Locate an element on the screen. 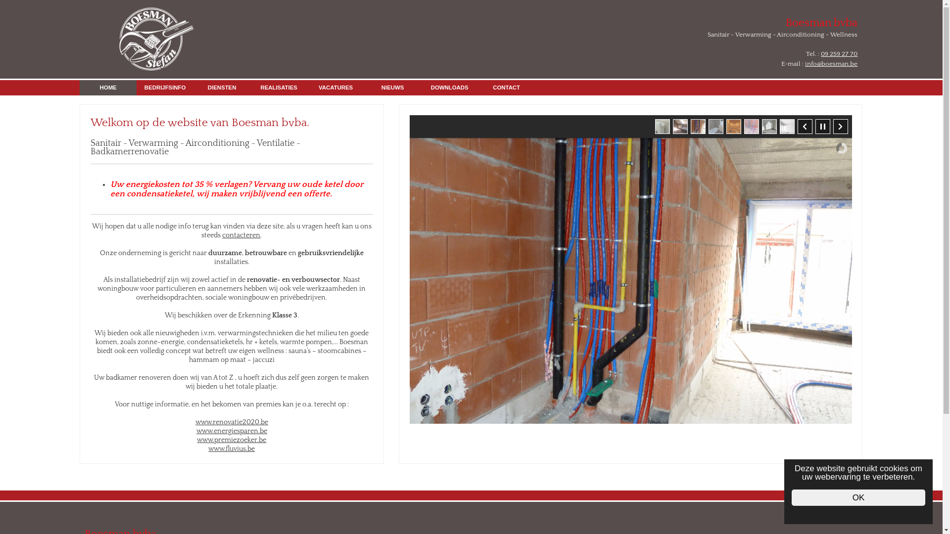 The width and height of the screenshot is (950, 534). 'DIENSTEN' is located at coordinates (221, 87).